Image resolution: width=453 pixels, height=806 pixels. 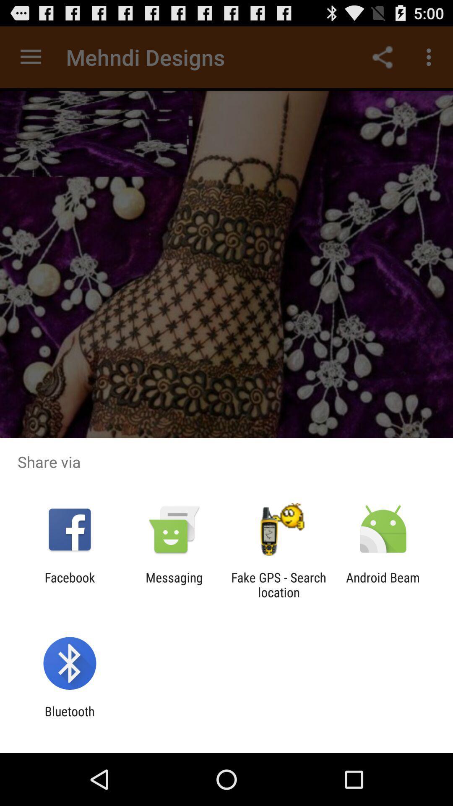 What do you see at coordinates (174, 584) in the screenshot?
I see `the item next to the facebook item` at bounding box center [174, 584].